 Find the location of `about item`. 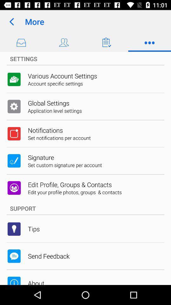

about item is located at coordinates (36, 281).